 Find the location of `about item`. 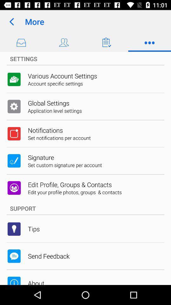

about item is located at coordinates (36, 281).